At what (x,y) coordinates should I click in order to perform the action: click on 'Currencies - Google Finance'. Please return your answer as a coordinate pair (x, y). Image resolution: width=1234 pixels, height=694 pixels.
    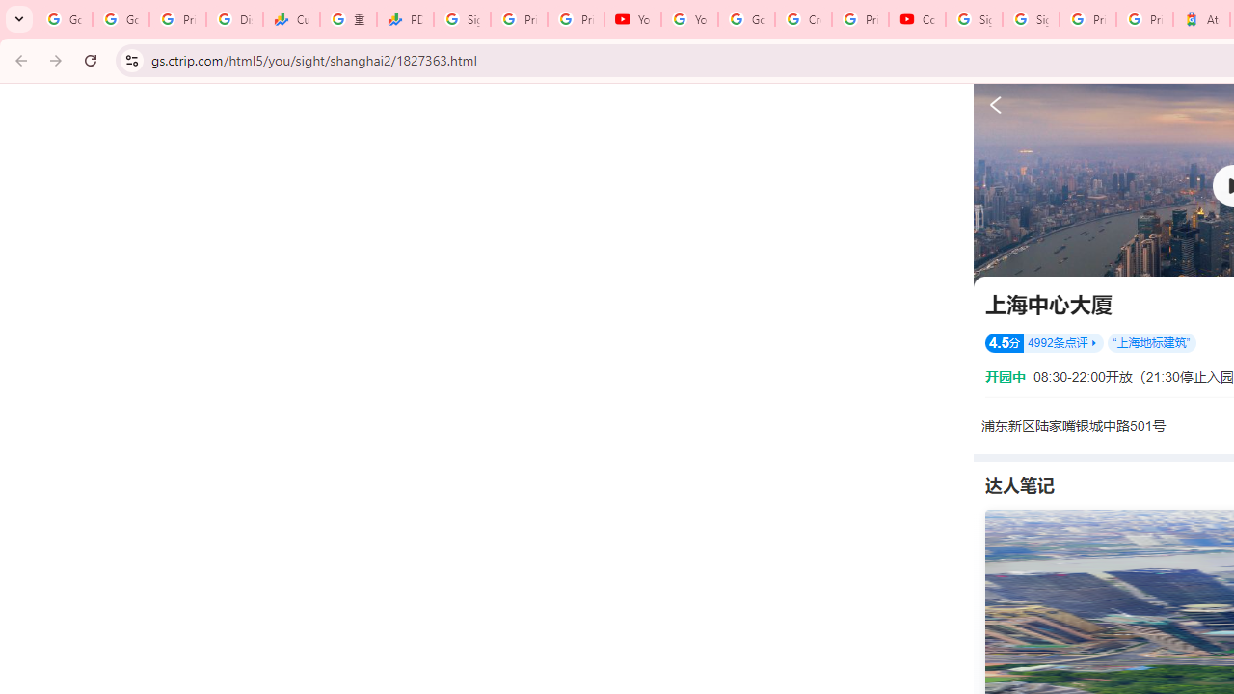
    Looking at the image, I should click on (290, 19).